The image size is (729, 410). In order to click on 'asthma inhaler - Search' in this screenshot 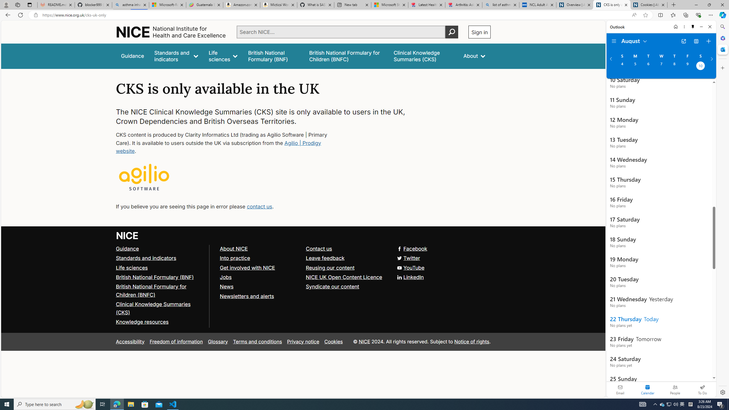, I will do `click(130, 5)`.